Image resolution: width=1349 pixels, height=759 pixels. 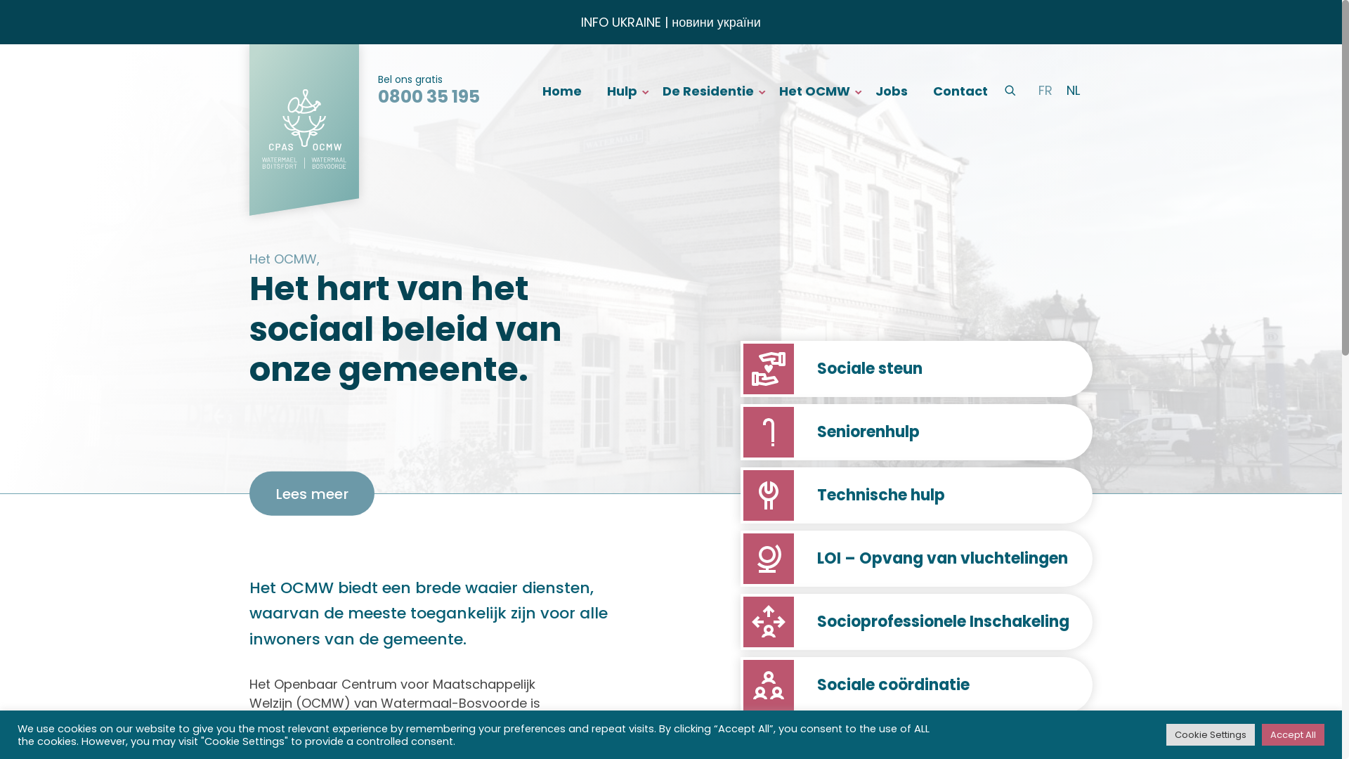 What do you see at coordinates (916, 368) in the screenshot?
I see `'Sociale steun'` at bounding box center [916, 368].